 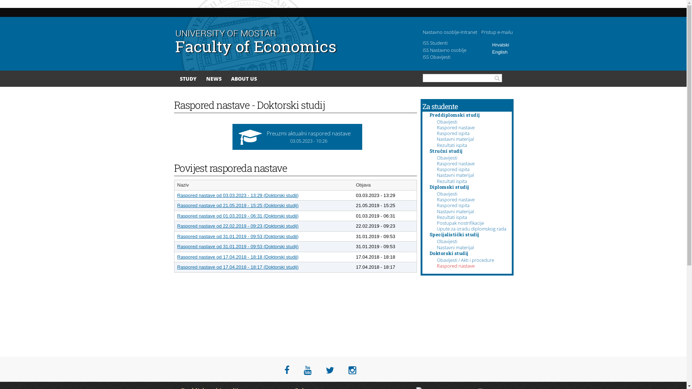 What do you see at coordinates (436, 260) in the screenshot?
I see `'Obavijesti / Akti i procedure'` at bounding box center [436, 260].